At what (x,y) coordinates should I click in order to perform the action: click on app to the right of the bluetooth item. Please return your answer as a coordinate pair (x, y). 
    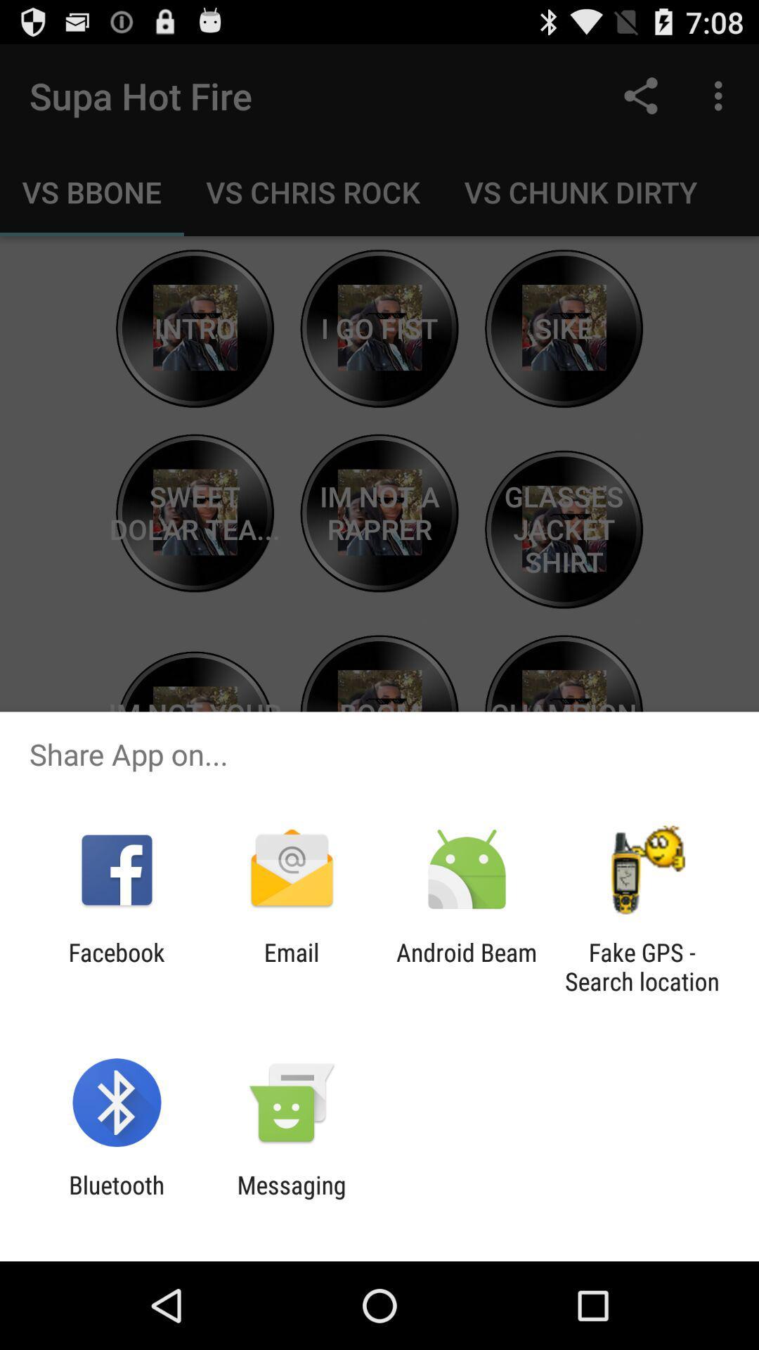
    Looking at the image, I should click on (291, 1199).